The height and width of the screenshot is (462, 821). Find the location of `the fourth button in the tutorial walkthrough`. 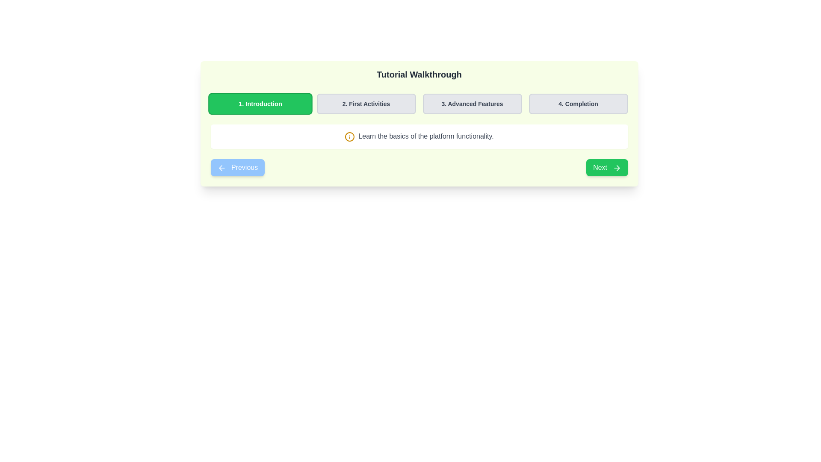

the fourth button in the tutorial walkthrough is located at coordinates (578, 104).